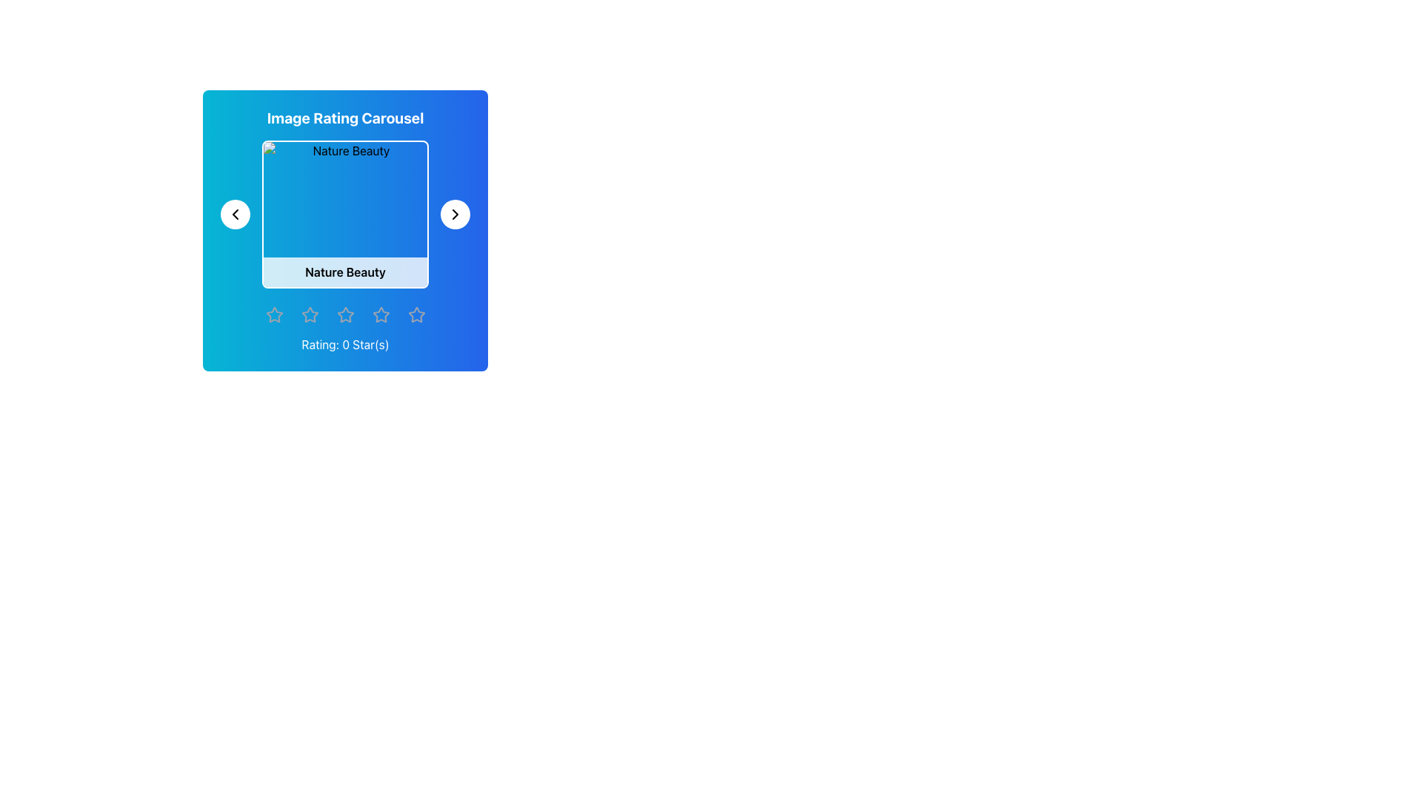 This screenshot has width=1422, height=799. What do you see at coordinates (344, 231) in the screenshot?
I see `the displayed image details in the Carousel Section, which allows for image navigation and ratings` at bounding box center [344, 231].